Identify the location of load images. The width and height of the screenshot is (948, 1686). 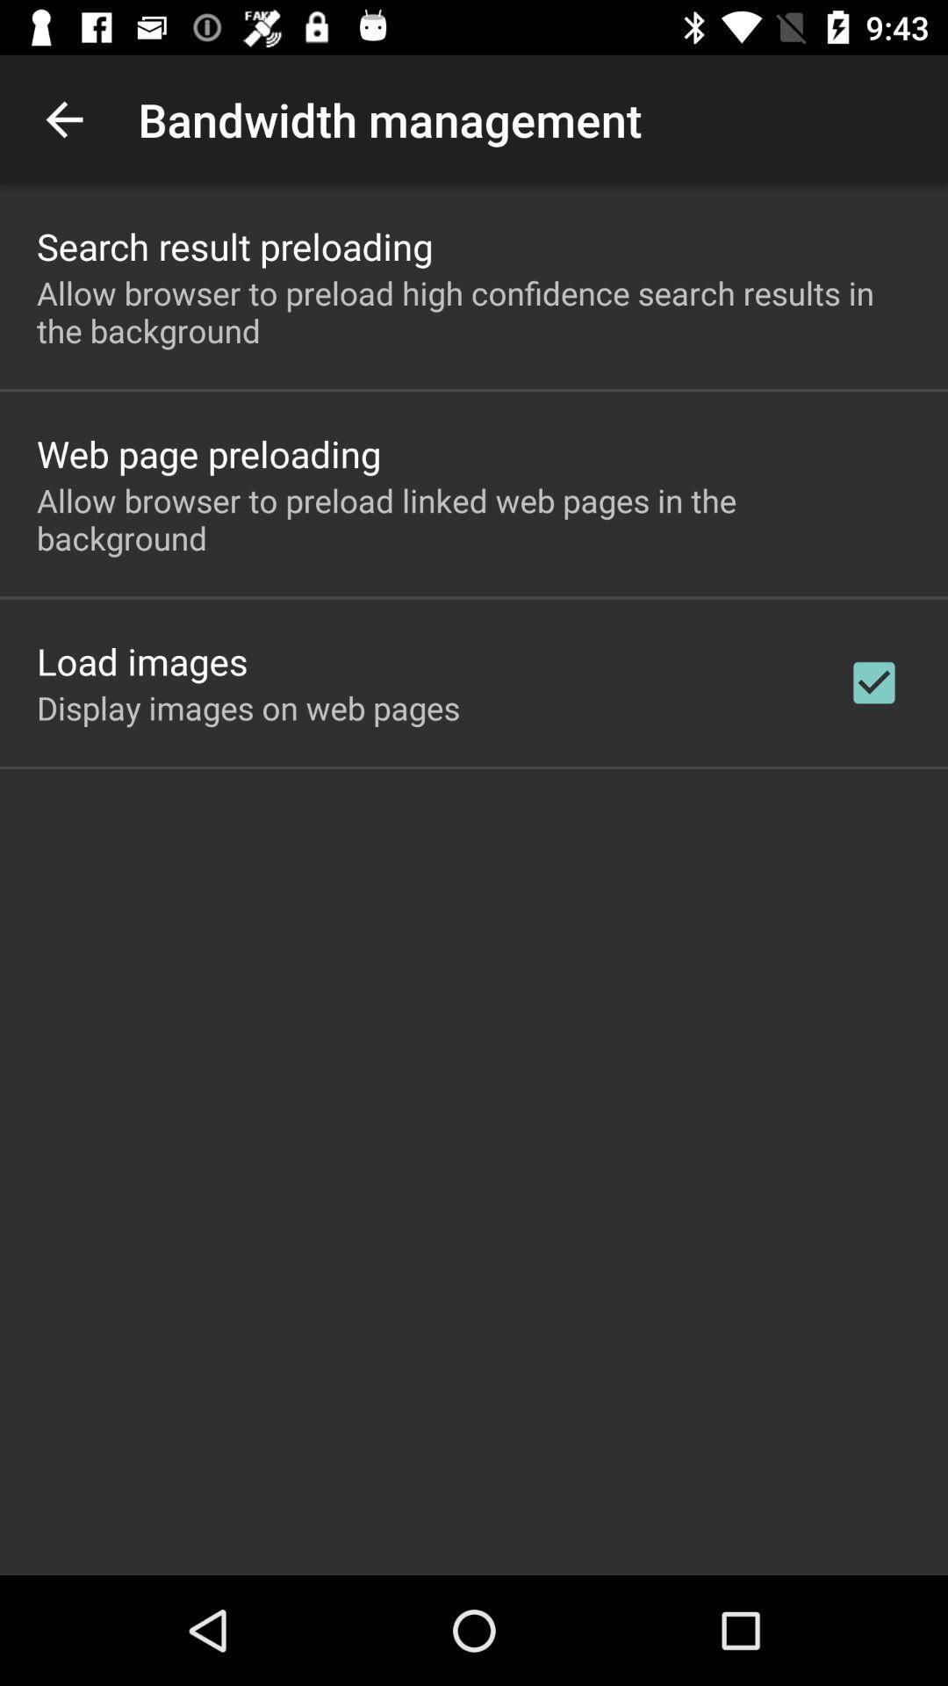
(141, 660).